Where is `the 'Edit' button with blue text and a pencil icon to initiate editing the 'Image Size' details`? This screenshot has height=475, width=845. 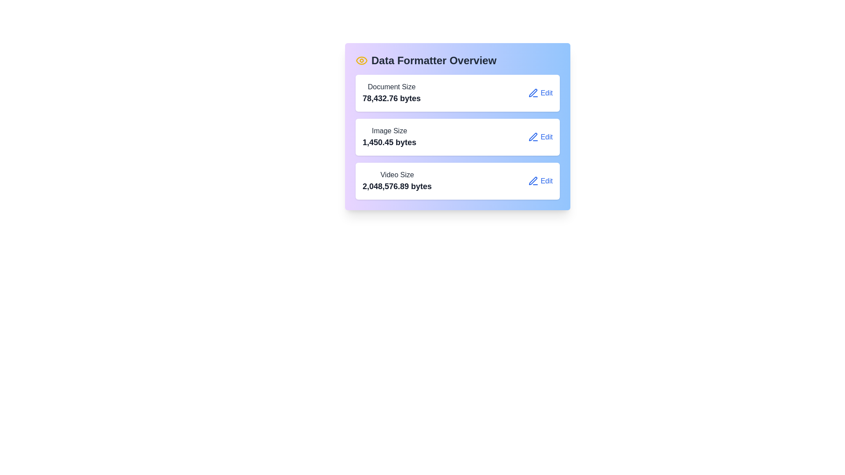 the 'Edit' button with blue text and a pencil icon to initiate editing the 'Image Size' details is located at coordinates (540, 137).